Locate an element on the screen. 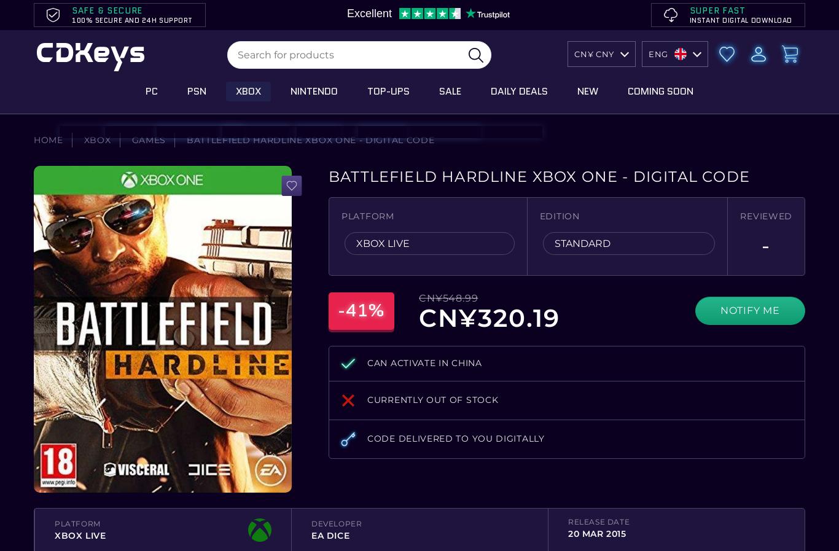 Image resolution: width=839 pixels, height=551 pixels. 'PSN TopUp Cards' is located at coordinates (159, 169).